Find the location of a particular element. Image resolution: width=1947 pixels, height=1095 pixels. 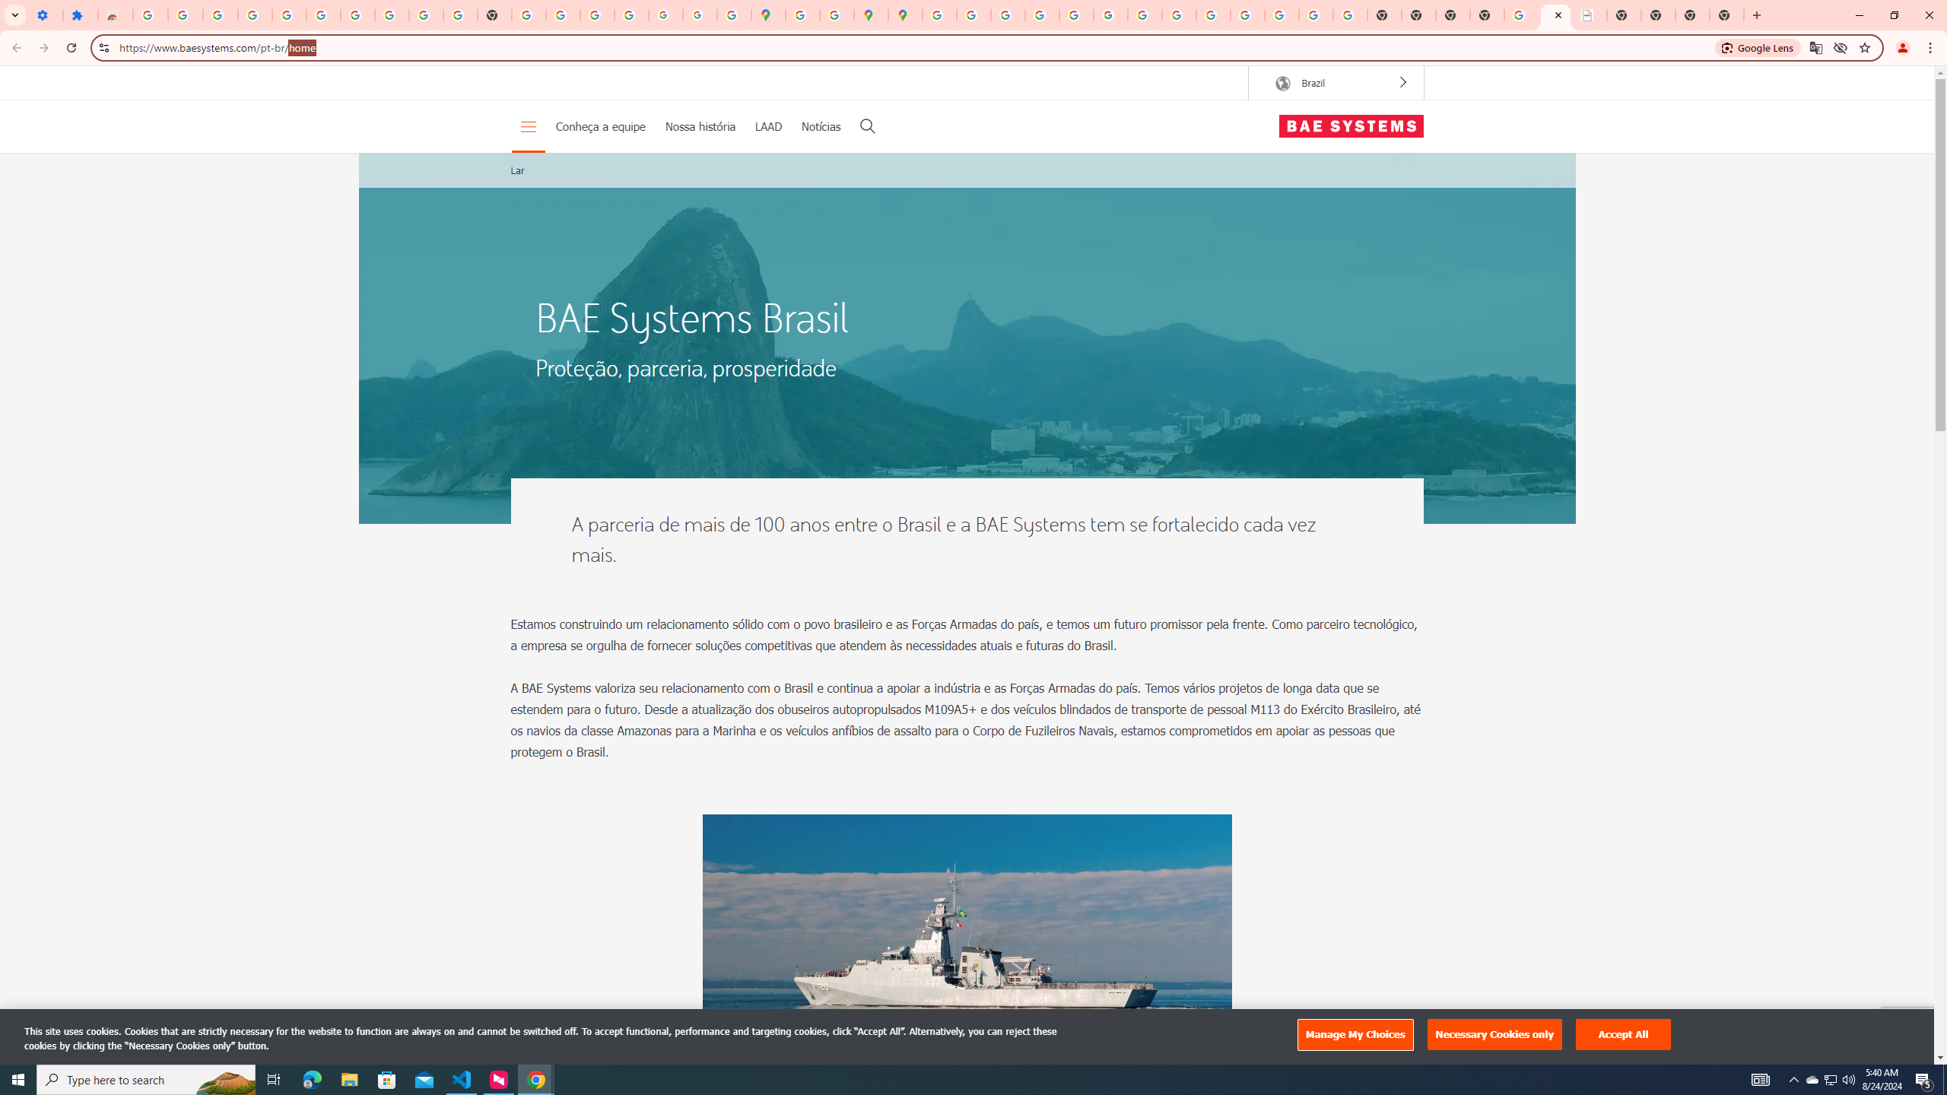

'Settings - On startup' is located at coordinates (46, 14).